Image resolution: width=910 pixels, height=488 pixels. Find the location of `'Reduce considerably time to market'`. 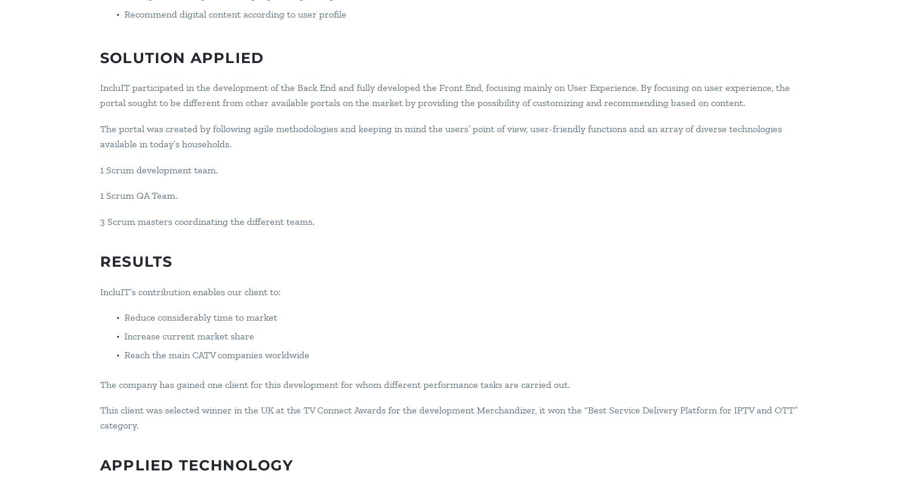

'Reduce considerably time to market' is located at coordinates (200, 316).